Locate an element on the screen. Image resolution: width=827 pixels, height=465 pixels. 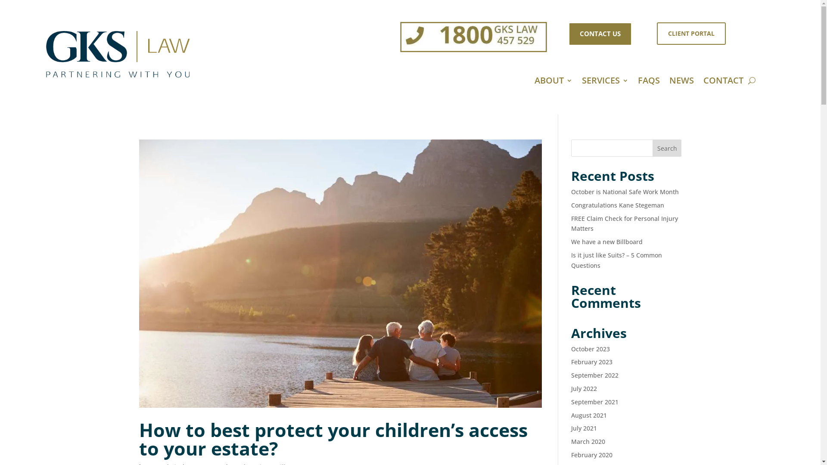
'March 2020' is located at coordinates (571, 441).